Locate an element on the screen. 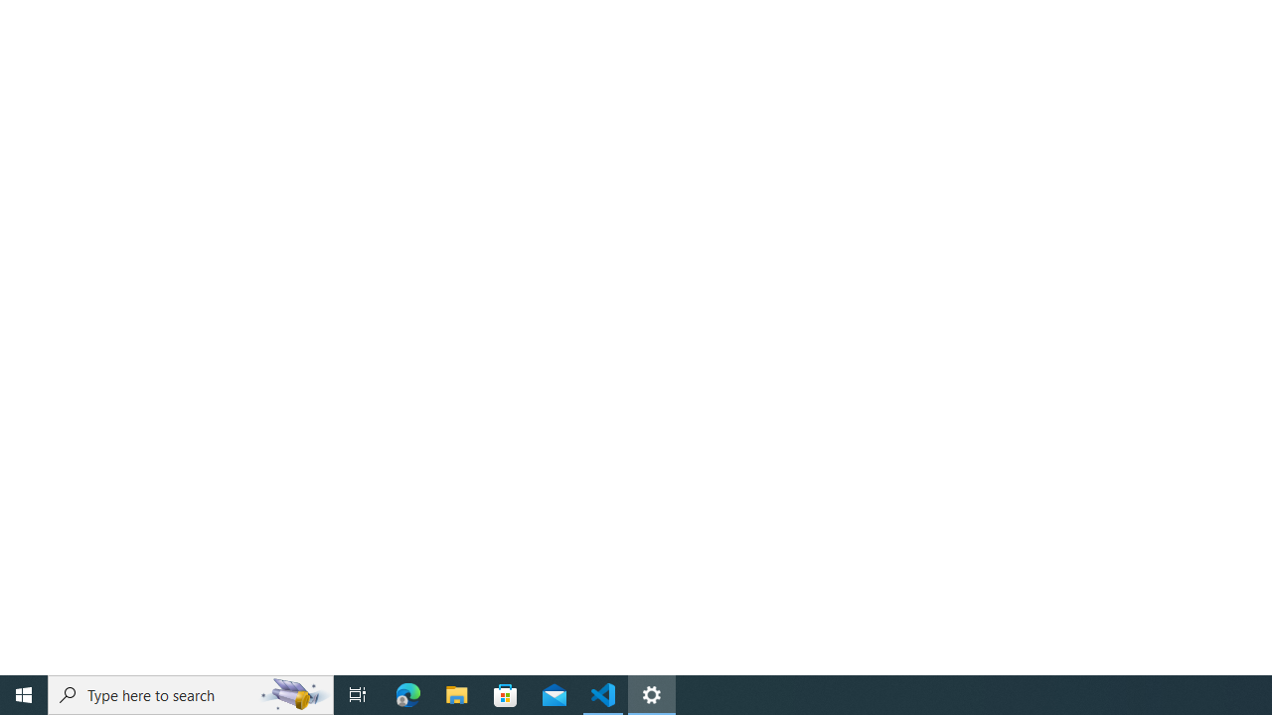 The height and width of the screenshot is (715, 1272). 'Visual Studio Code - 1 running window' is located at coordinates (602, 693).